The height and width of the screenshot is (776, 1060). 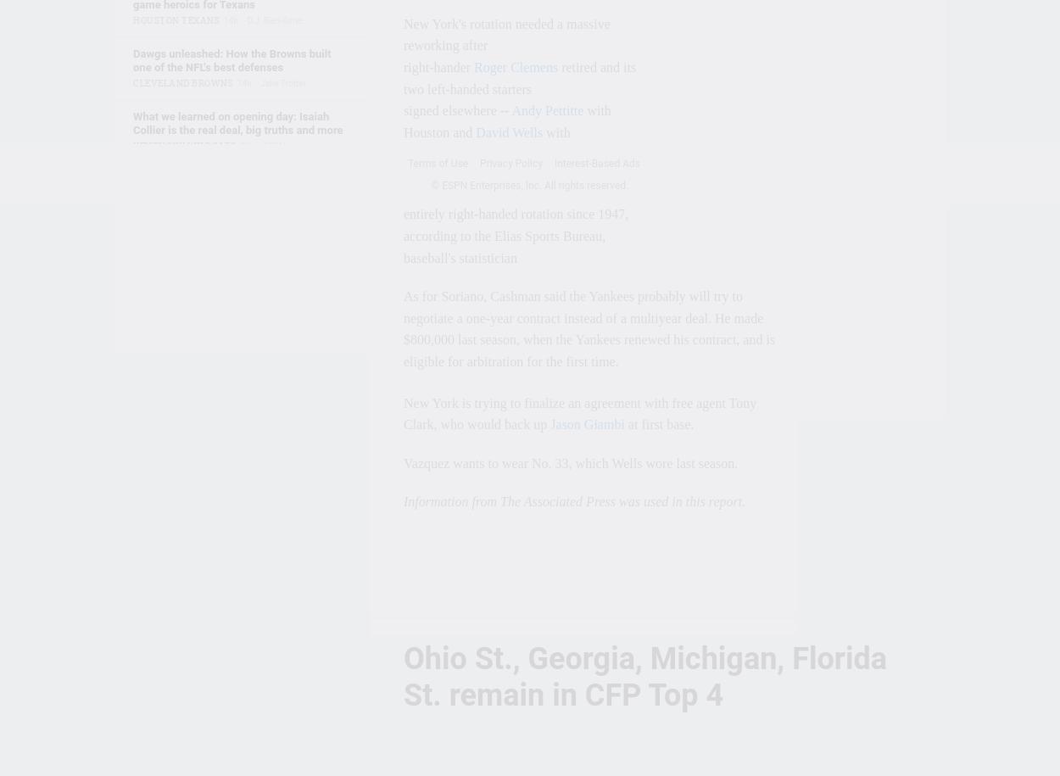 What do you see at coordinates (133, 81) in the screenshot?
I see `'Cleveland Browns'` at bounding box center [133, 81].